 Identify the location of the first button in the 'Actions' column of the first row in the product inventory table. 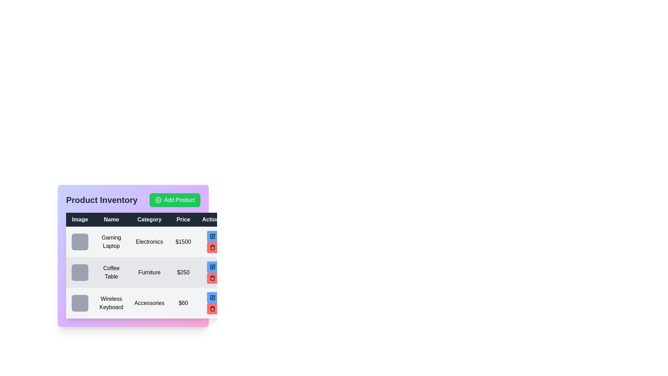
(212, 236).